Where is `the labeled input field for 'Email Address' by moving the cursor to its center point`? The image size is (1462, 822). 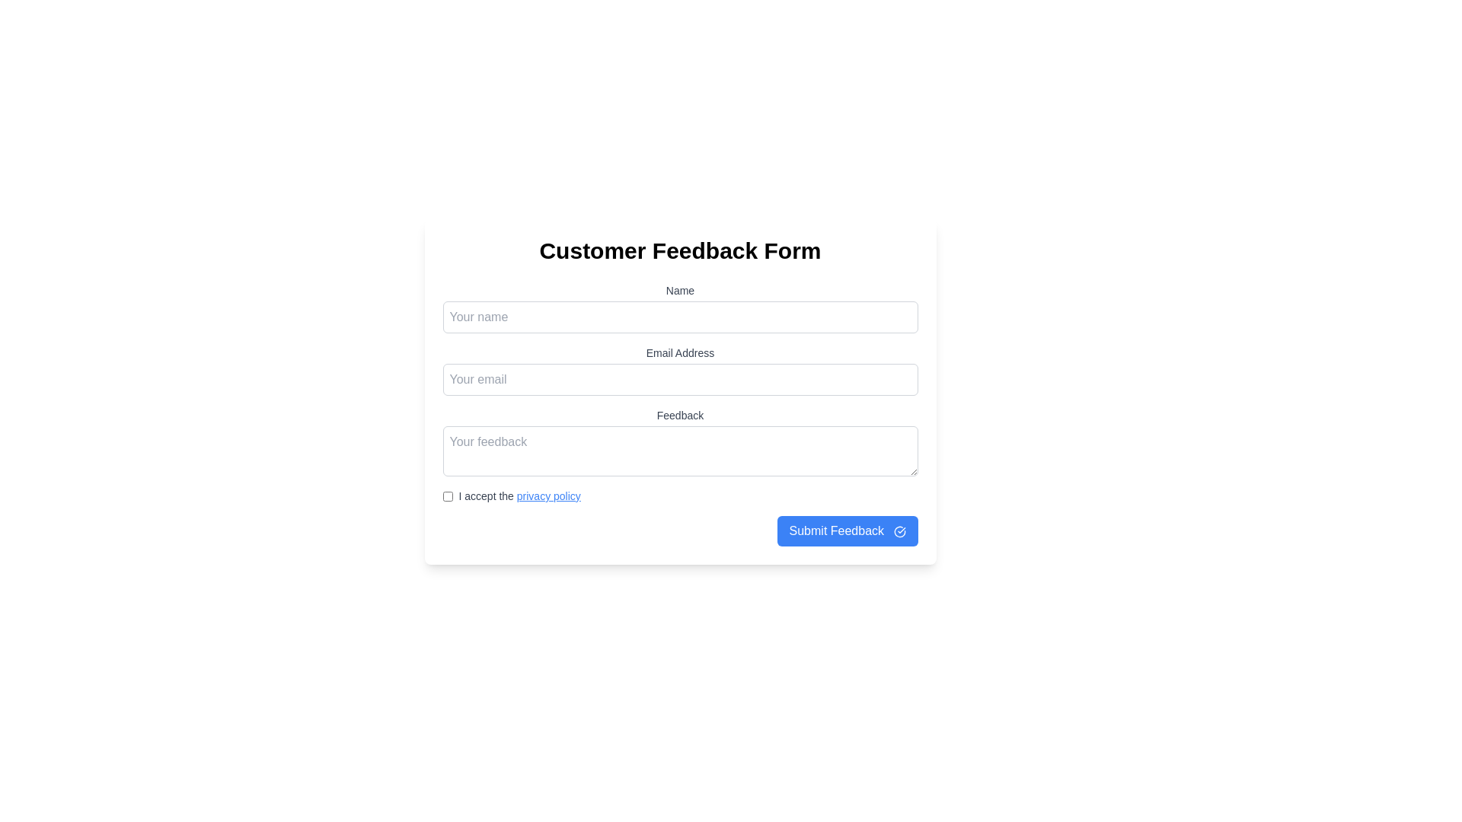 the labeled input field for 'Email Address' by moving the cursor to its center point is located at coordinates (679, 352).